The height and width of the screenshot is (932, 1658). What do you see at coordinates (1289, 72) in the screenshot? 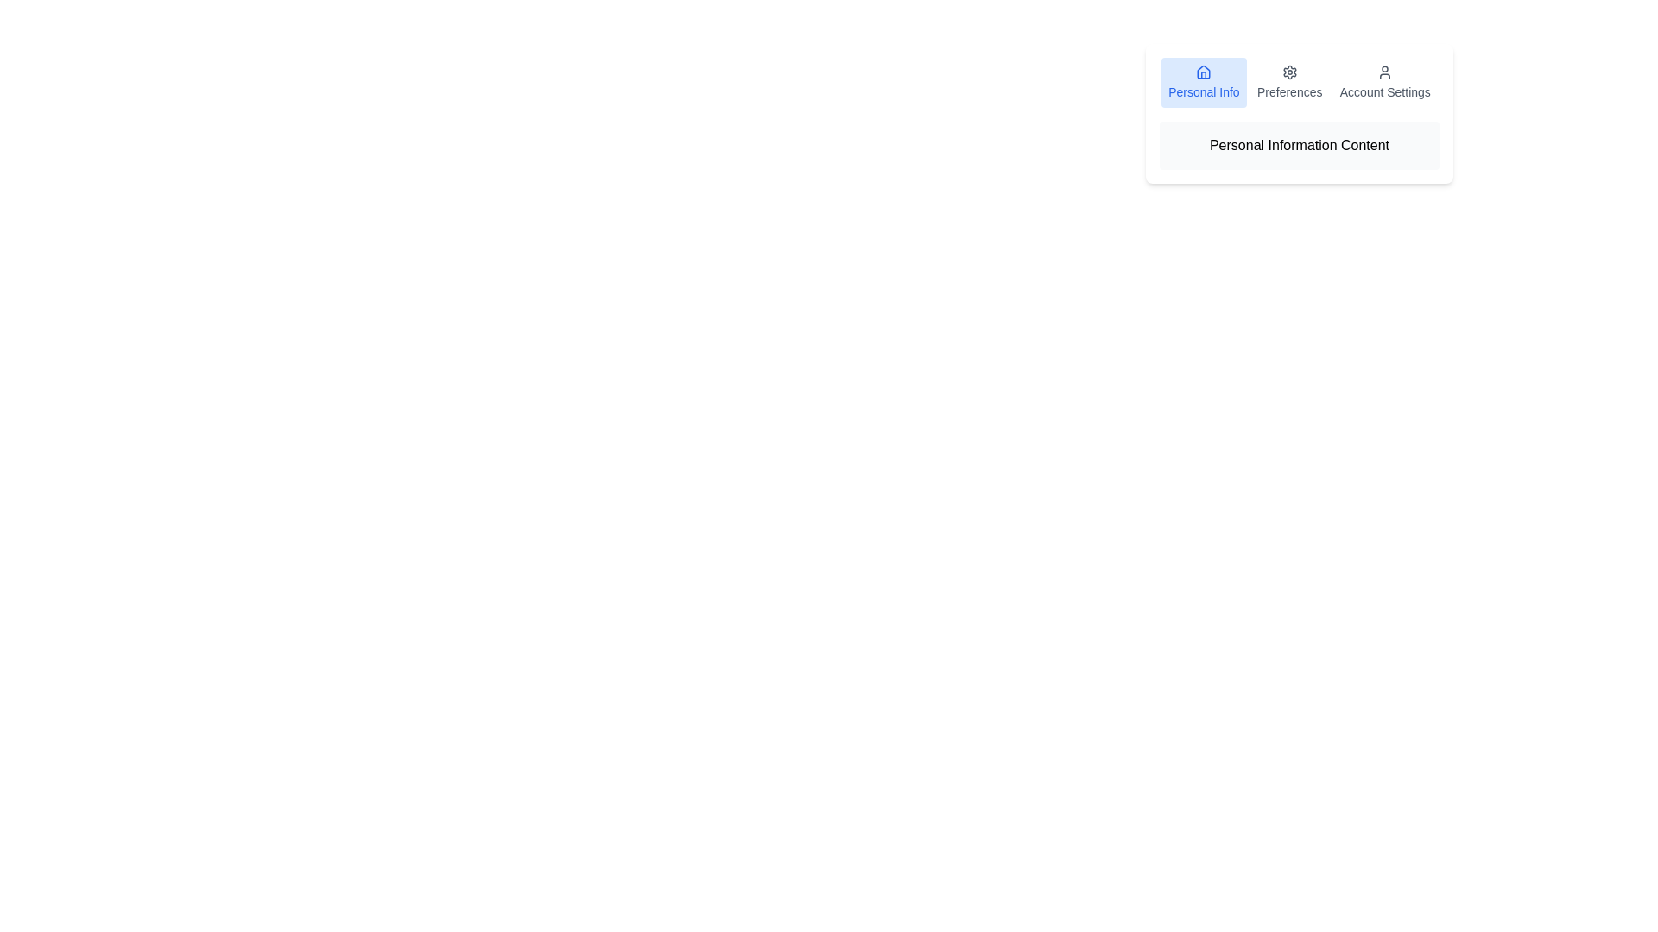
I see `the gear icon representing the Preferences section` at bounding box center [1289, 72].